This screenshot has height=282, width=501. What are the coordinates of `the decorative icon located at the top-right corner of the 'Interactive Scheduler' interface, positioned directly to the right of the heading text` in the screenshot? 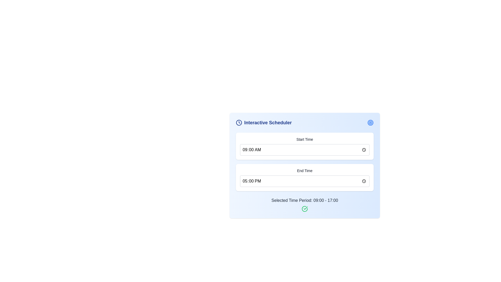 It's located at (370, 123).